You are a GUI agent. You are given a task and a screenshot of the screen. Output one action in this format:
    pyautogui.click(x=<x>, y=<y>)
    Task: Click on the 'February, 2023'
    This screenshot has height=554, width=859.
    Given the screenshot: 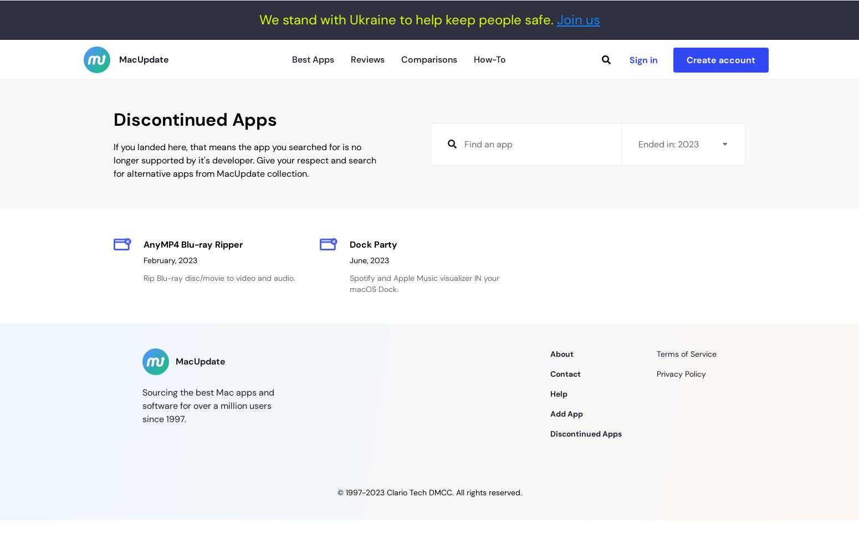 What is the action you would take?
    pyautogui.click(x=170, y=260)
    